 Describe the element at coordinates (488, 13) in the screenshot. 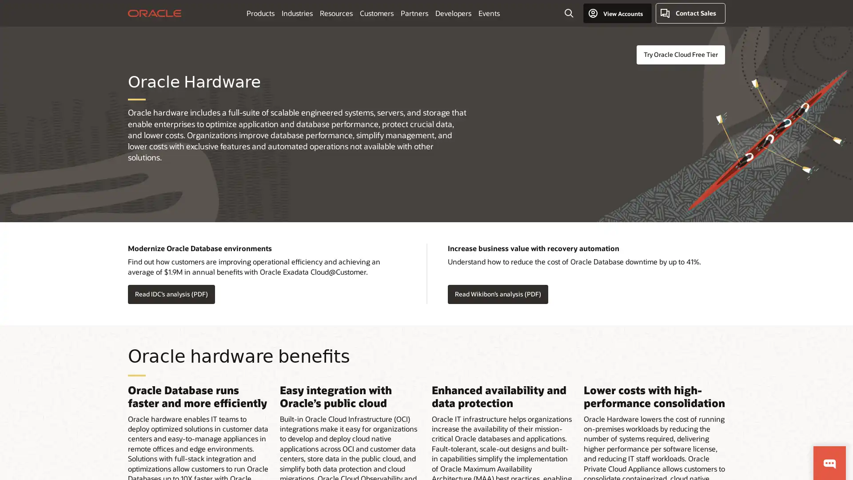

I see `Events` at that location.